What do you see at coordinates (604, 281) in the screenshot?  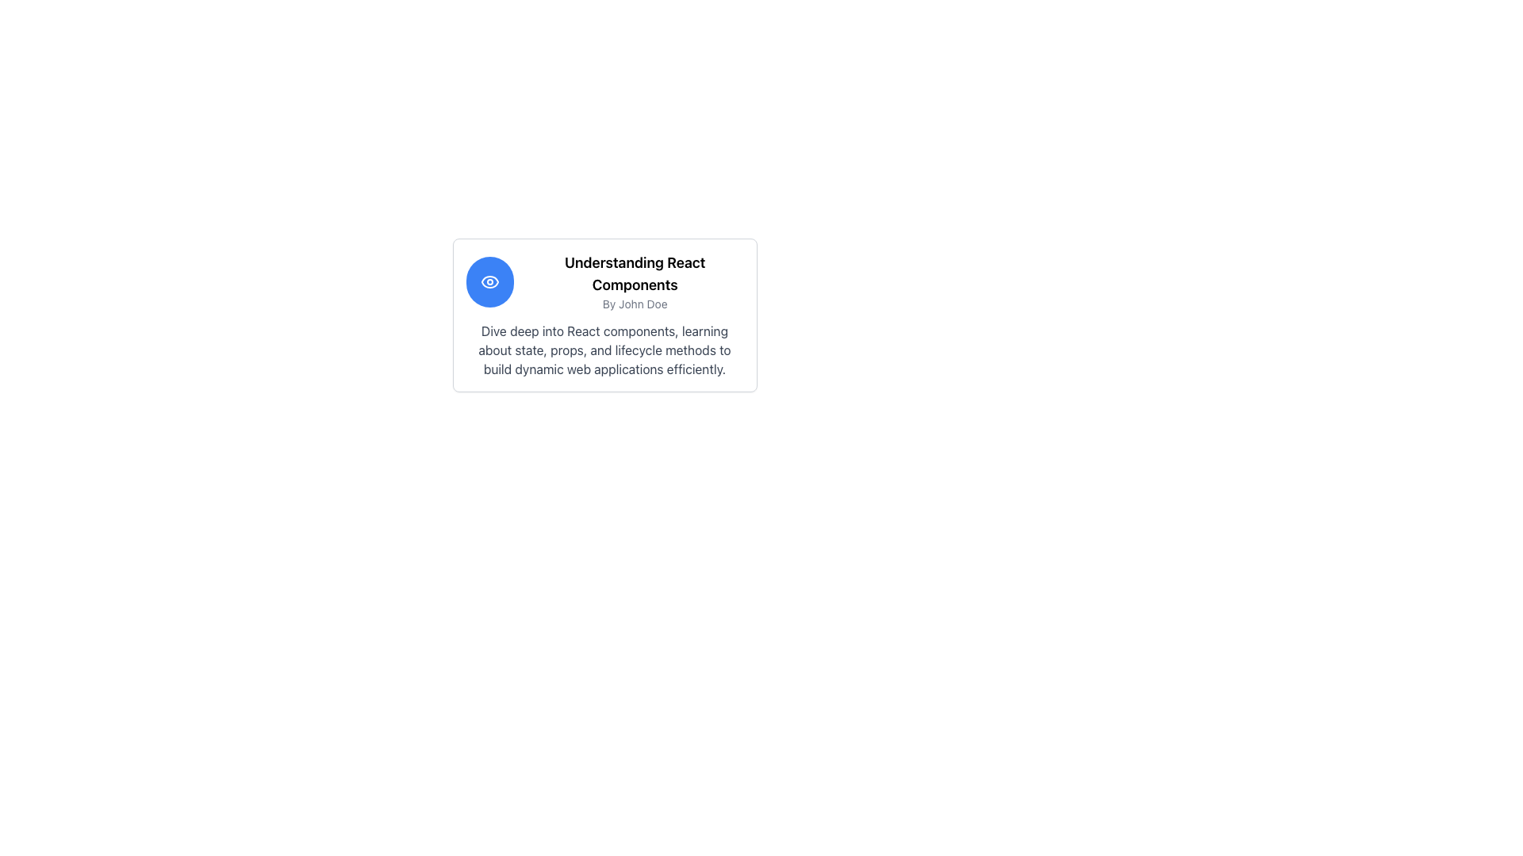 I see `the Header section that includes a circular blue icon on the left and the title 'Understanding React Components' with subtitle 'By John Doe' on the right` at bounding box center [604, 281].